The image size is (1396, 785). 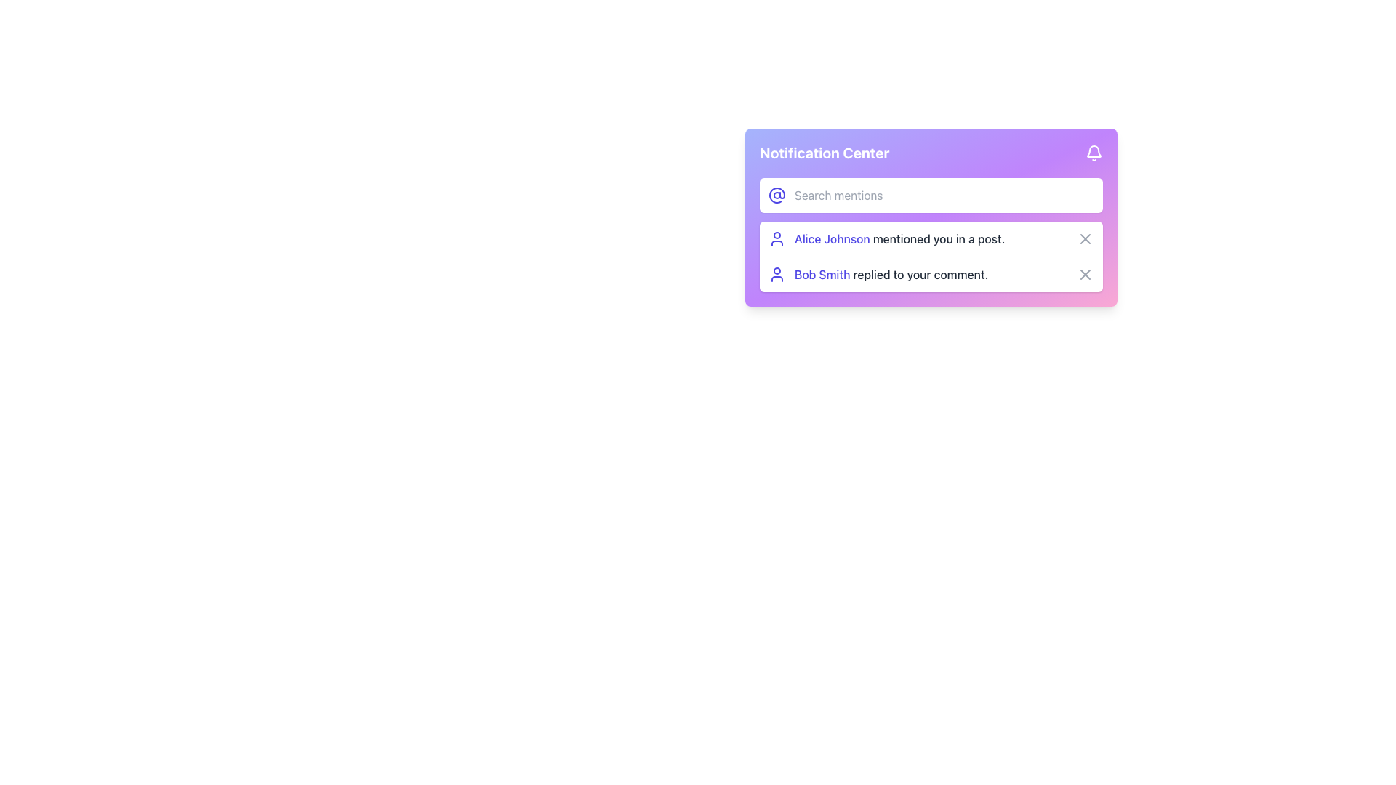 I want to click on the text label stating 'Bob Smith replied to your comment.' which is the second notification in the Notification Center popup, so click(x=891, y=275).